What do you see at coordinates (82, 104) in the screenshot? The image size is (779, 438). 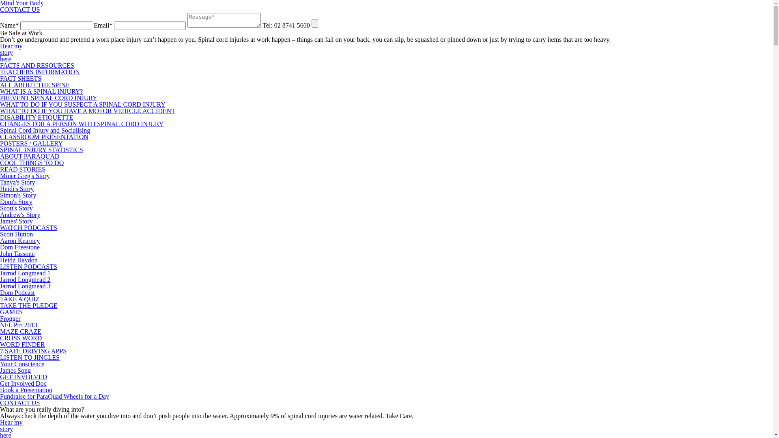 I see `'WHAT TO DO IF YOU SUSPECT A SPINAL CORD INJURY'` at bounding box center [82, 104].